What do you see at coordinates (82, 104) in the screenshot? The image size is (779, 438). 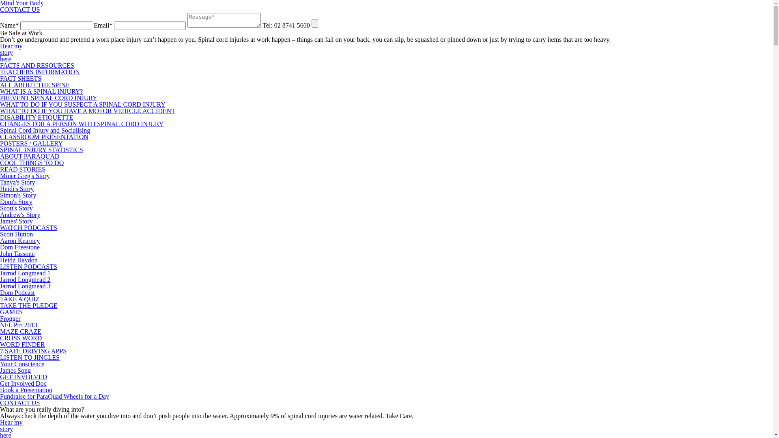 I see `'WHAT TO DO IF YOU SUSPECT A SPINAL CORD INJURY'` at bounding box center [82, 104].